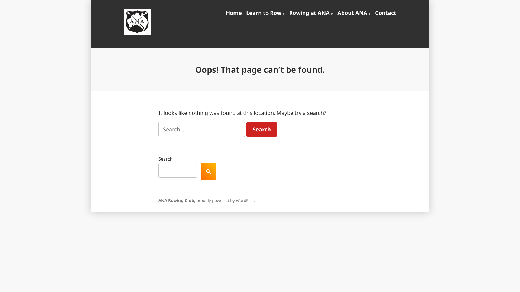 This screenshot has width=520, height=292. I want to click on 'proudly powered by WordPress', so click(196, 200).